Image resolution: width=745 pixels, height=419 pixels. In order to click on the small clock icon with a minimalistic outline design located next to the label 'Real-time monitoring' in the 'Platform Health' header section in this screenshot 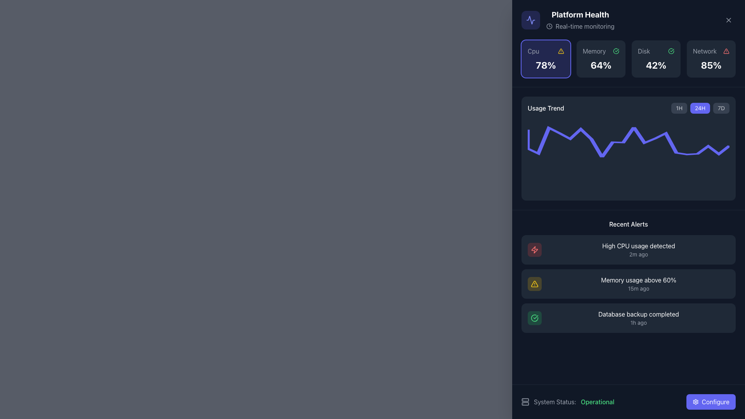, I will do `click(549, 26)`.